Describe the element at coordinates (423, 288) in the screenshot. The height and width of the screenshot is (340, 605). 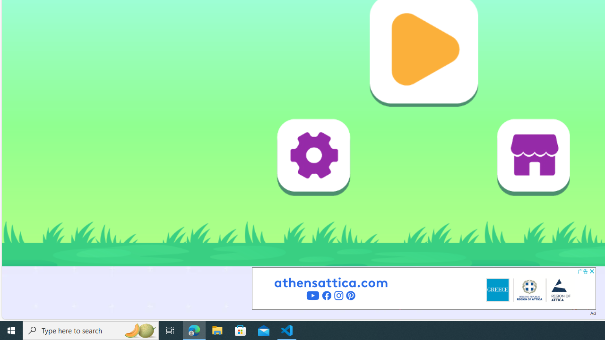
I see `'Advertisement'` at that location.